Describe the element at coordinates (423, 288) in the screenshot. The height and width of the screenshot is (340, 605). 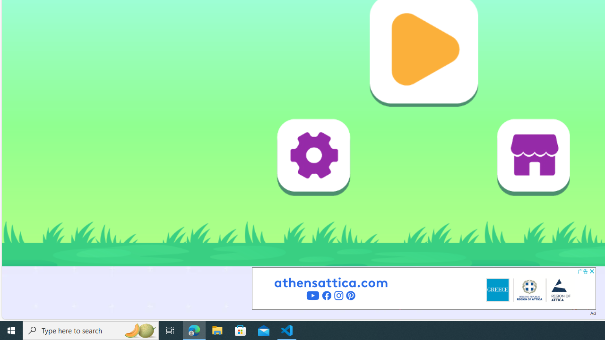
I see `'Advertisement'` at that location.